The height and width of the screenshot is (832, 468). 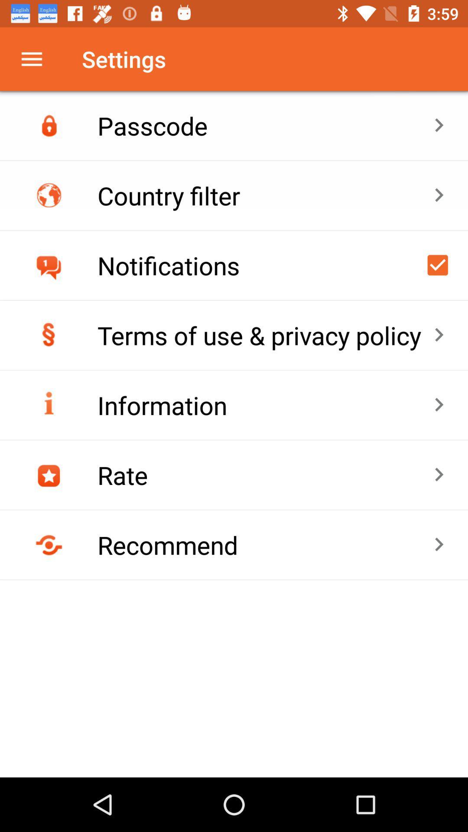 I want to click on the recommend item, so click(x=265, y=544).